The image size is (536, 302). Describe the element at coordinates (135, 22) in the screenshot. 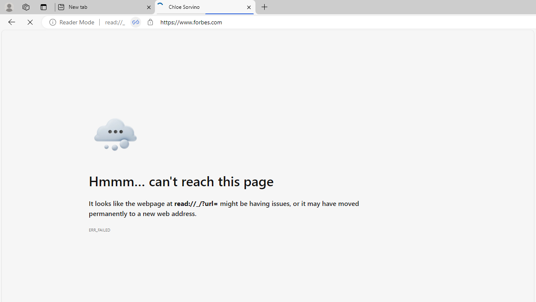

I see `'Tabs in split screen'` at that location.